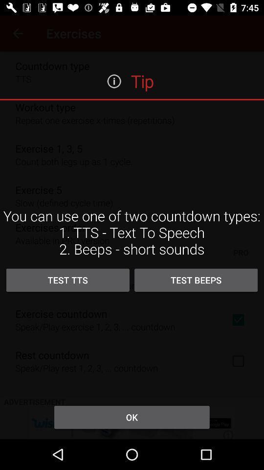  What do you see at coordinates (196, 280) in the screenshot?
I see `the item on the right` at bounding box center [196, 280].